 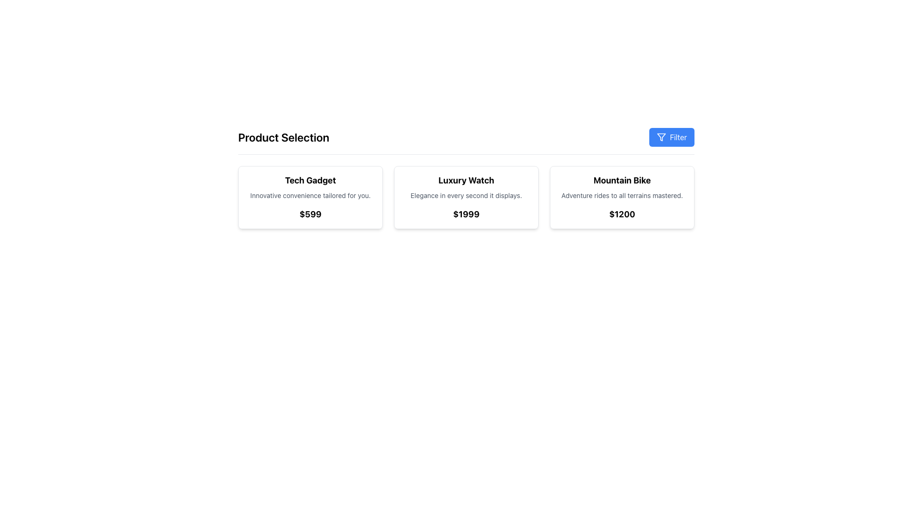 I want to click on price displayed in the text label for the product 'Luxury Watch', which is located in the middle card beneath the text 'Elegance in every second it displays.', so click(x=466, y=214).